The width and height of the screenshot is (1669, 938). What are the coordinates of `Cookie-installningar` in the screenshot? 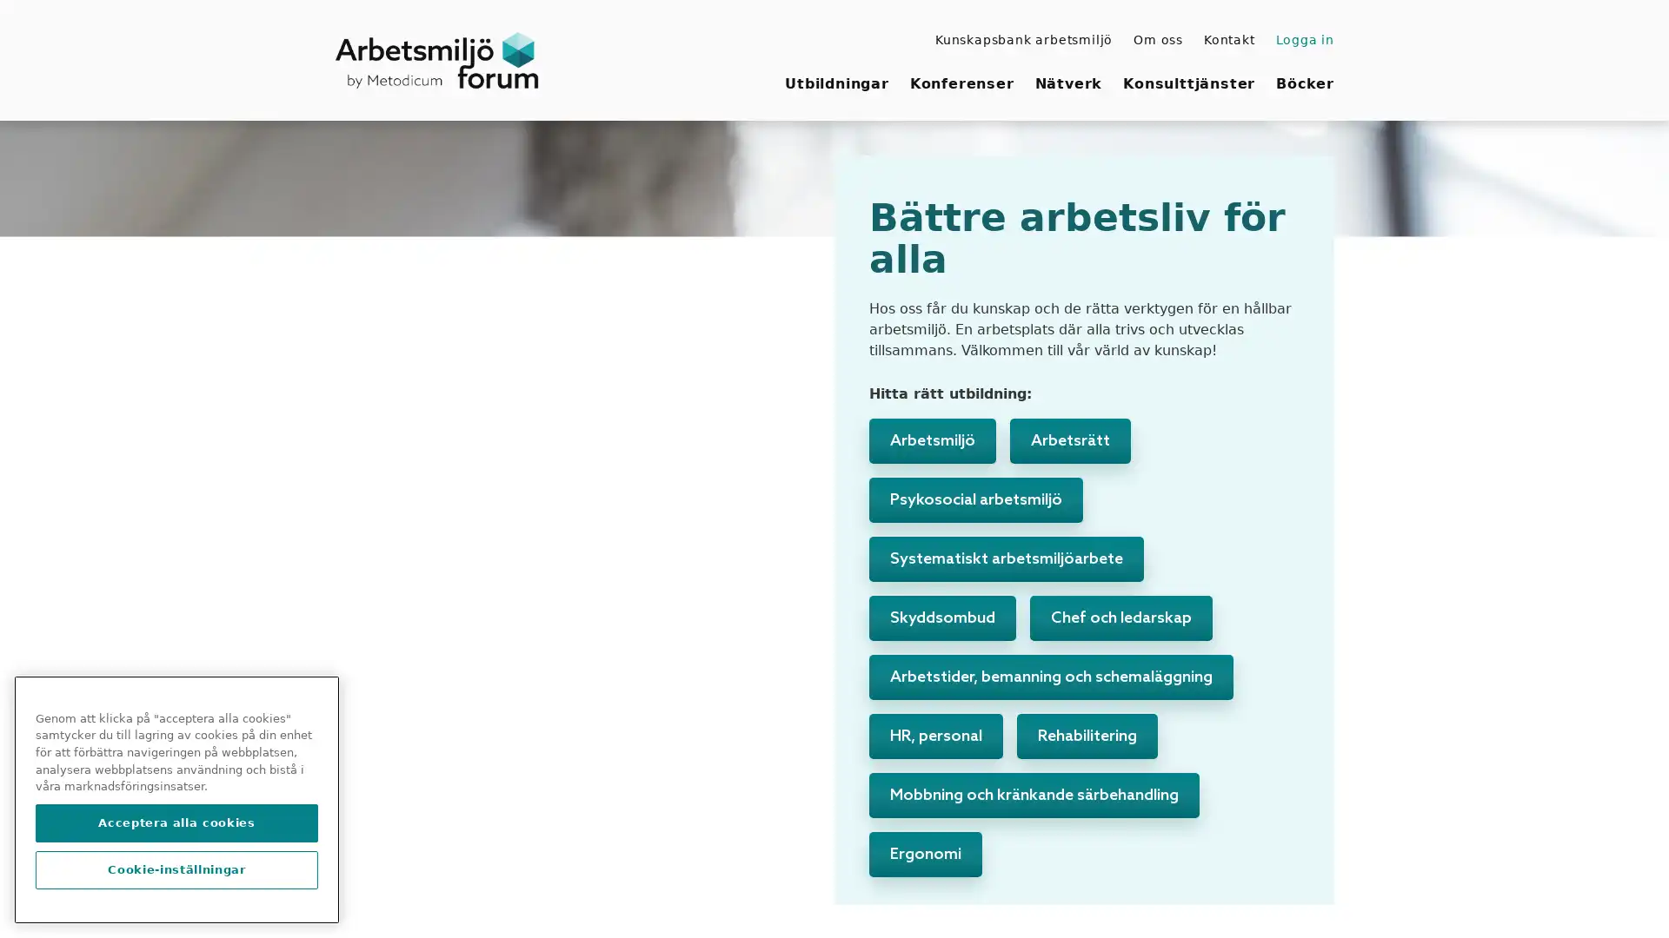 It's located at (176, 870).